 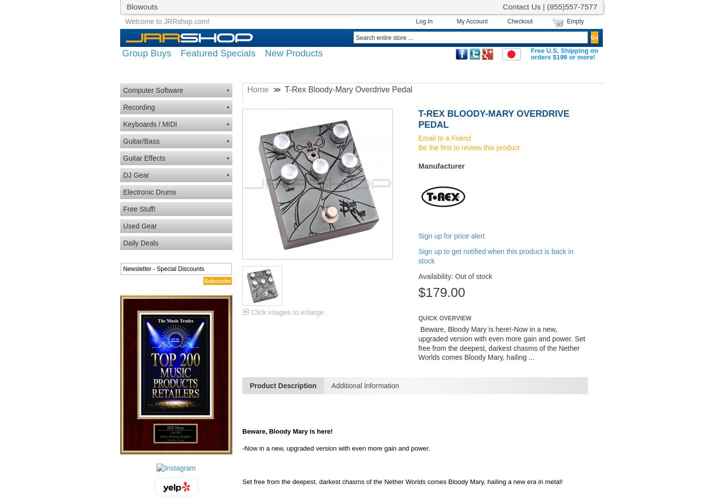 I want to click on 'Welcome to JRRshop.com!', so click(x=125, y=21).